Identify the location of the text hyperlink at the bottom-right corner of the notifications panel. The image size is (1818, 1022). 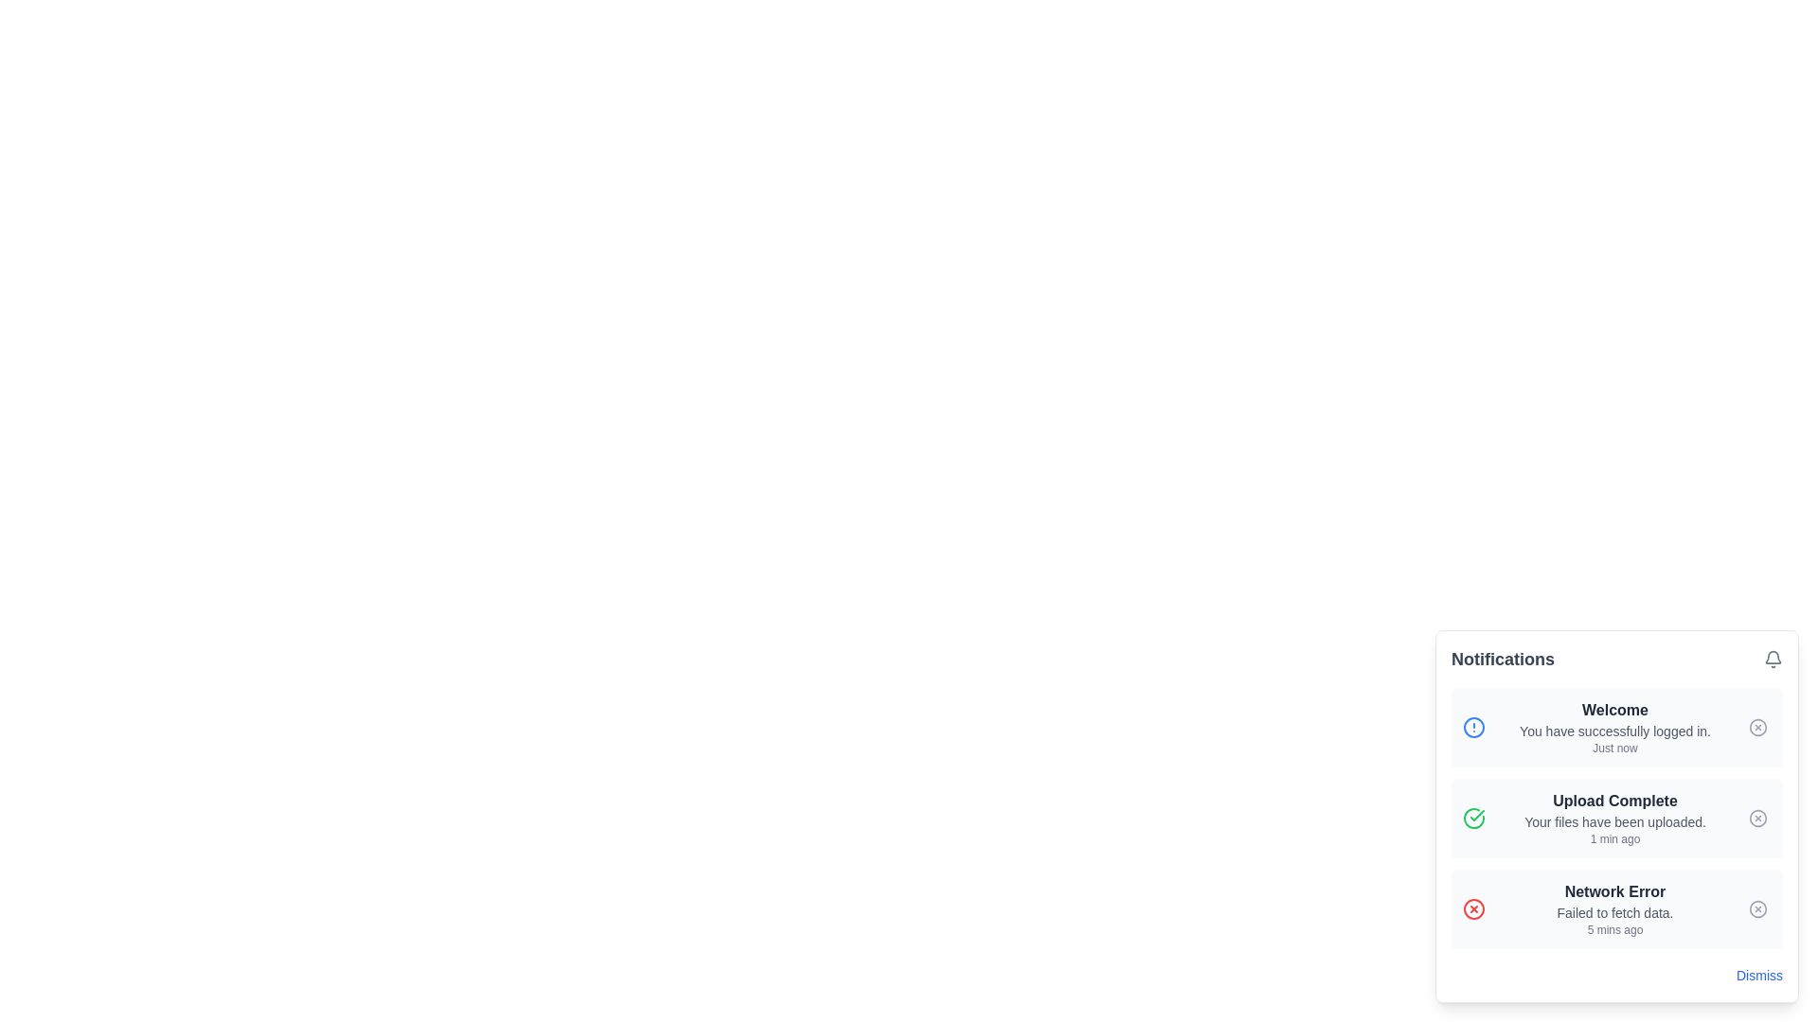
(1758, 975).